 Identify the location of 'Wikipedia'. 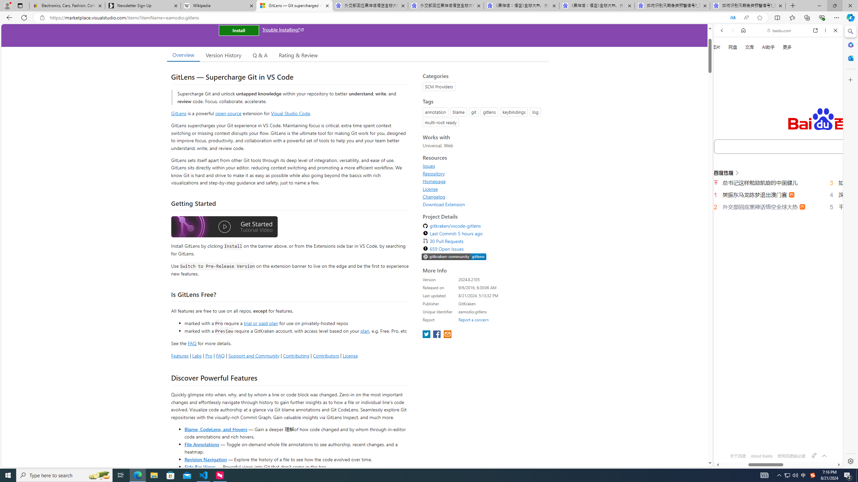
(218, 5).